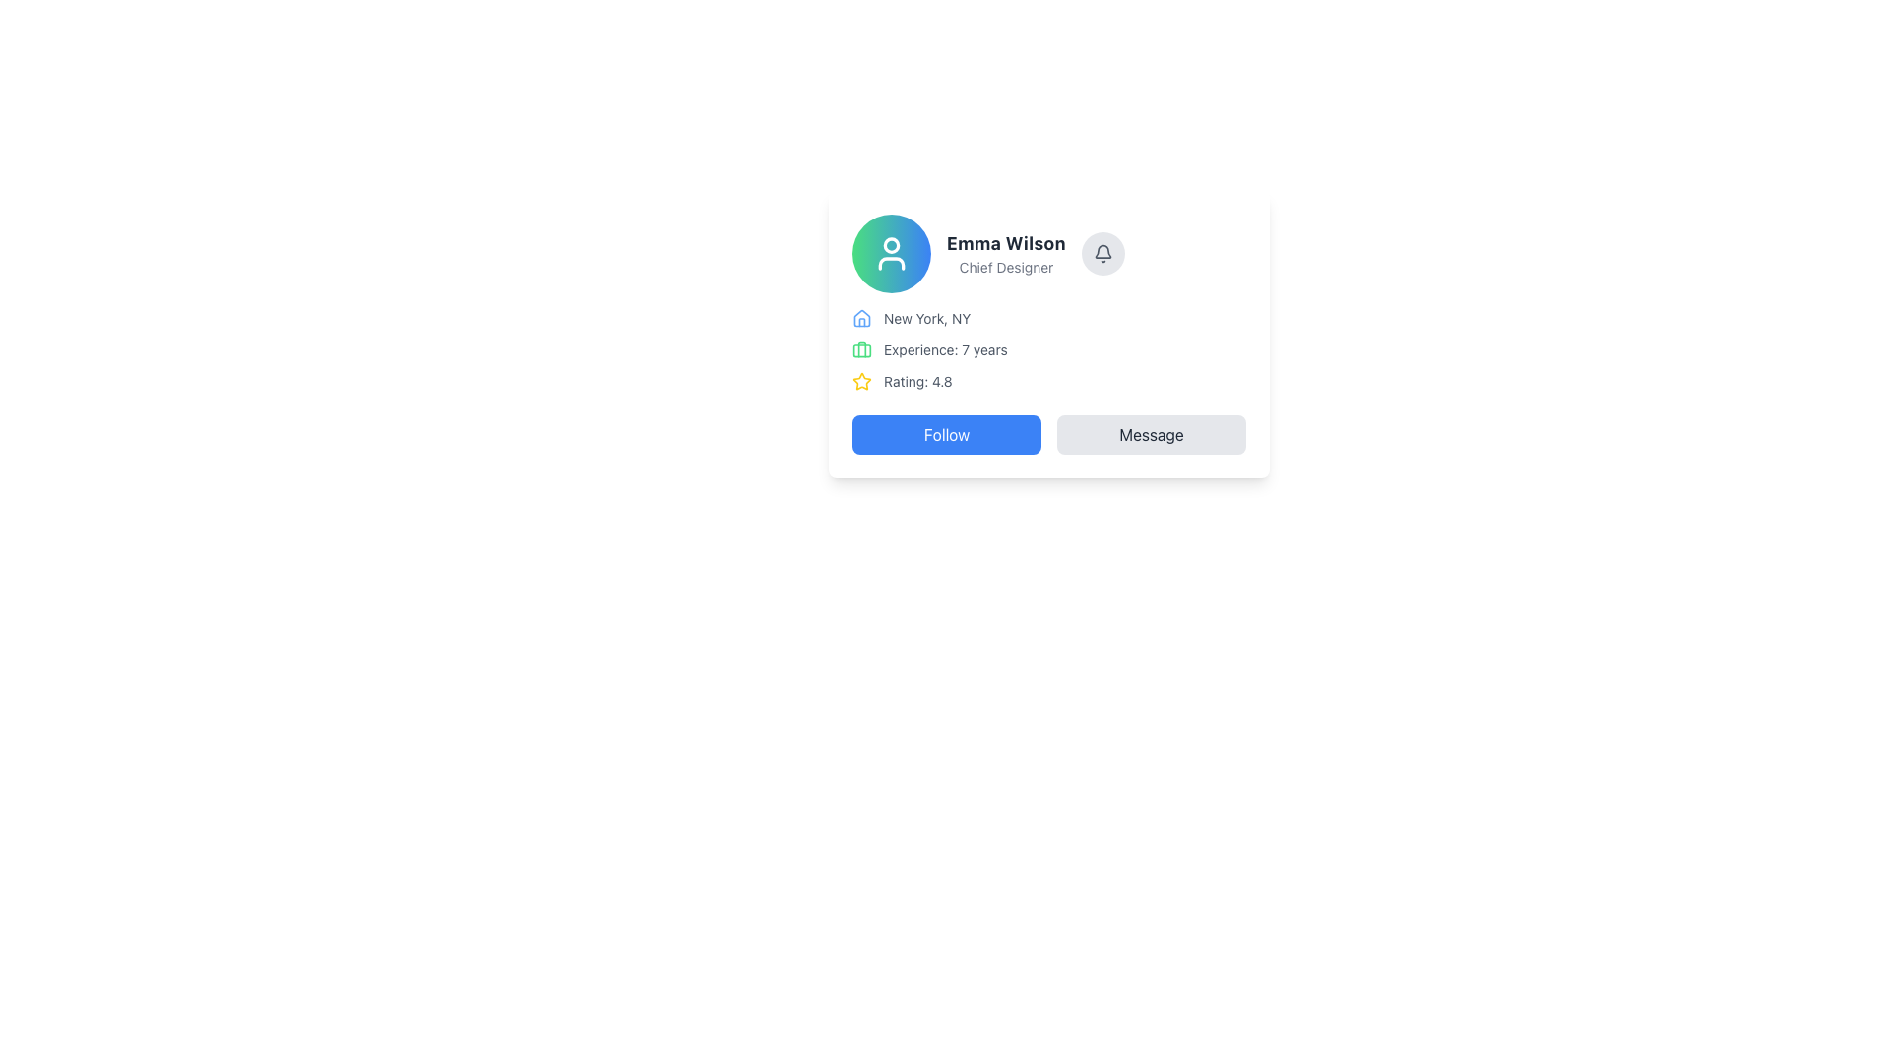  What do you see at coordinates (891, 253) in the screenshot?
I see `the user figure icon styled in white, enclosed within a circular frame with a gradient background transitioning from green to blue, located at the top left of the card containing user details` at bounding box center [891, 253].